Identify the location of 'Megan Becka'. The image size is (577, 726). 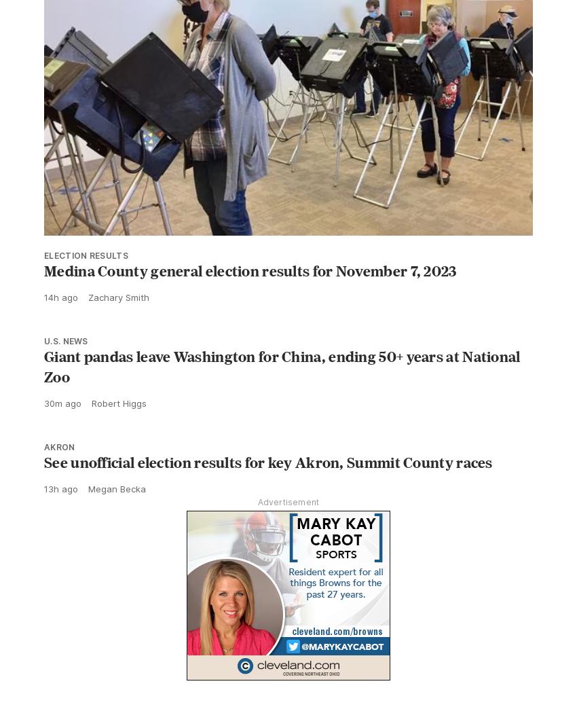
(116, 488).